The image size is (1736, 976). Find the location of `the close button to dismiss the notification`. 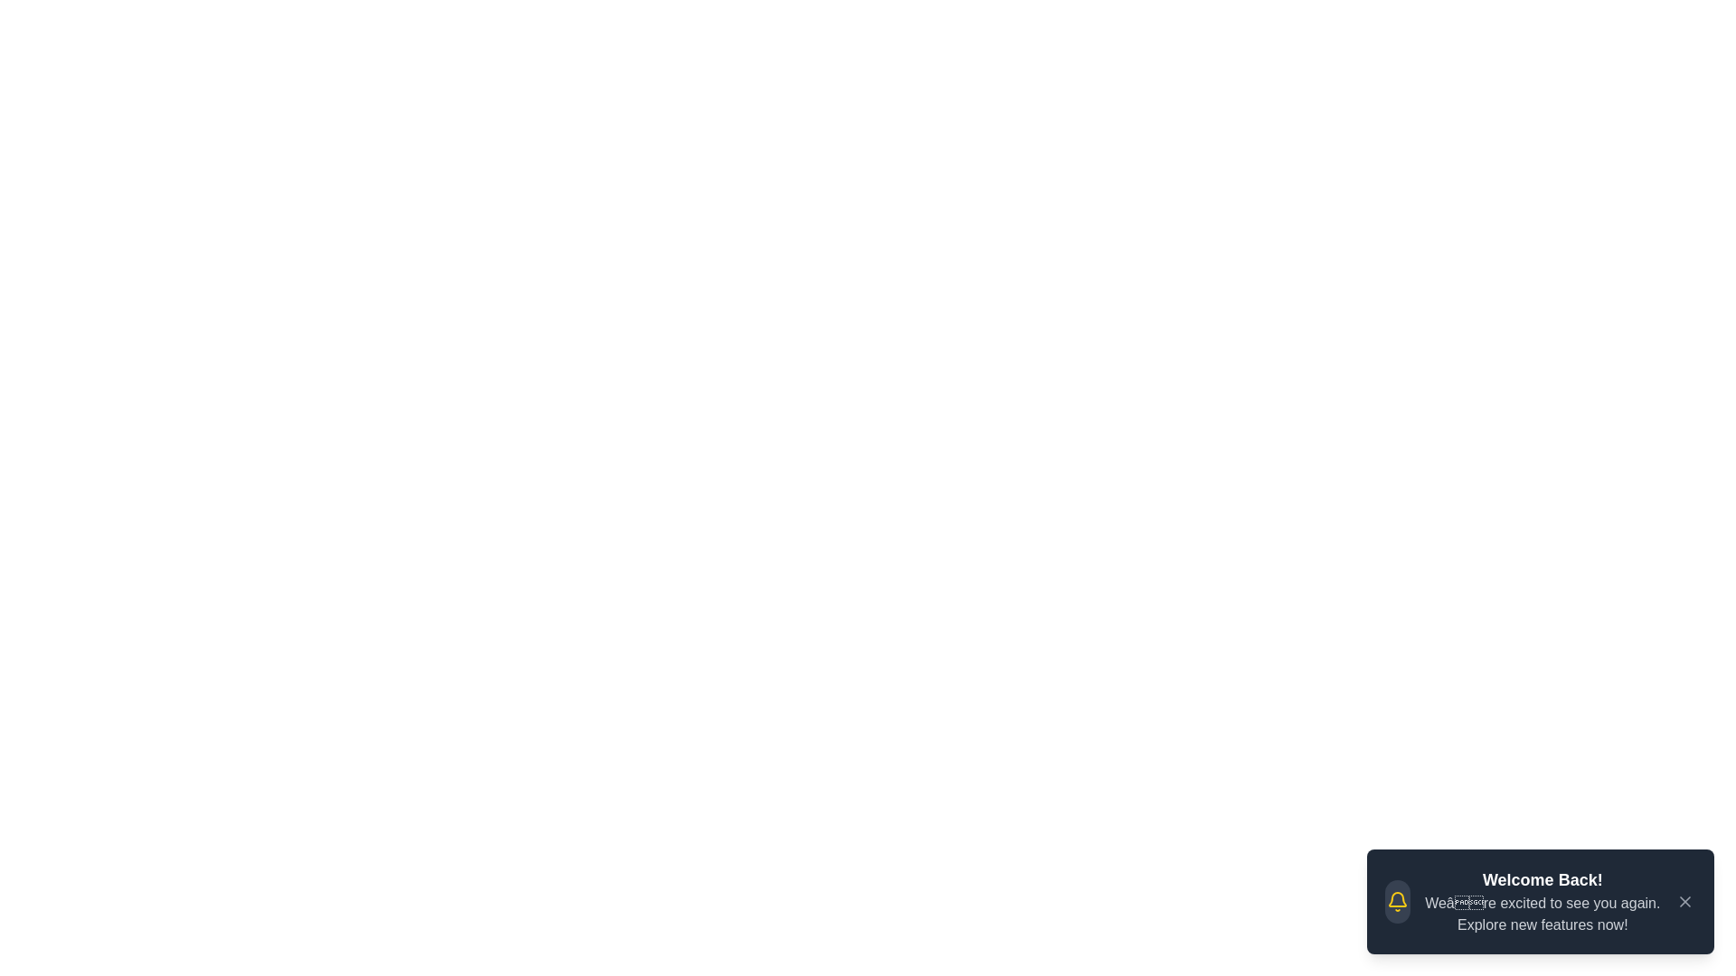

the close button to dismiss the notification is located at coordinates (1684, 902).